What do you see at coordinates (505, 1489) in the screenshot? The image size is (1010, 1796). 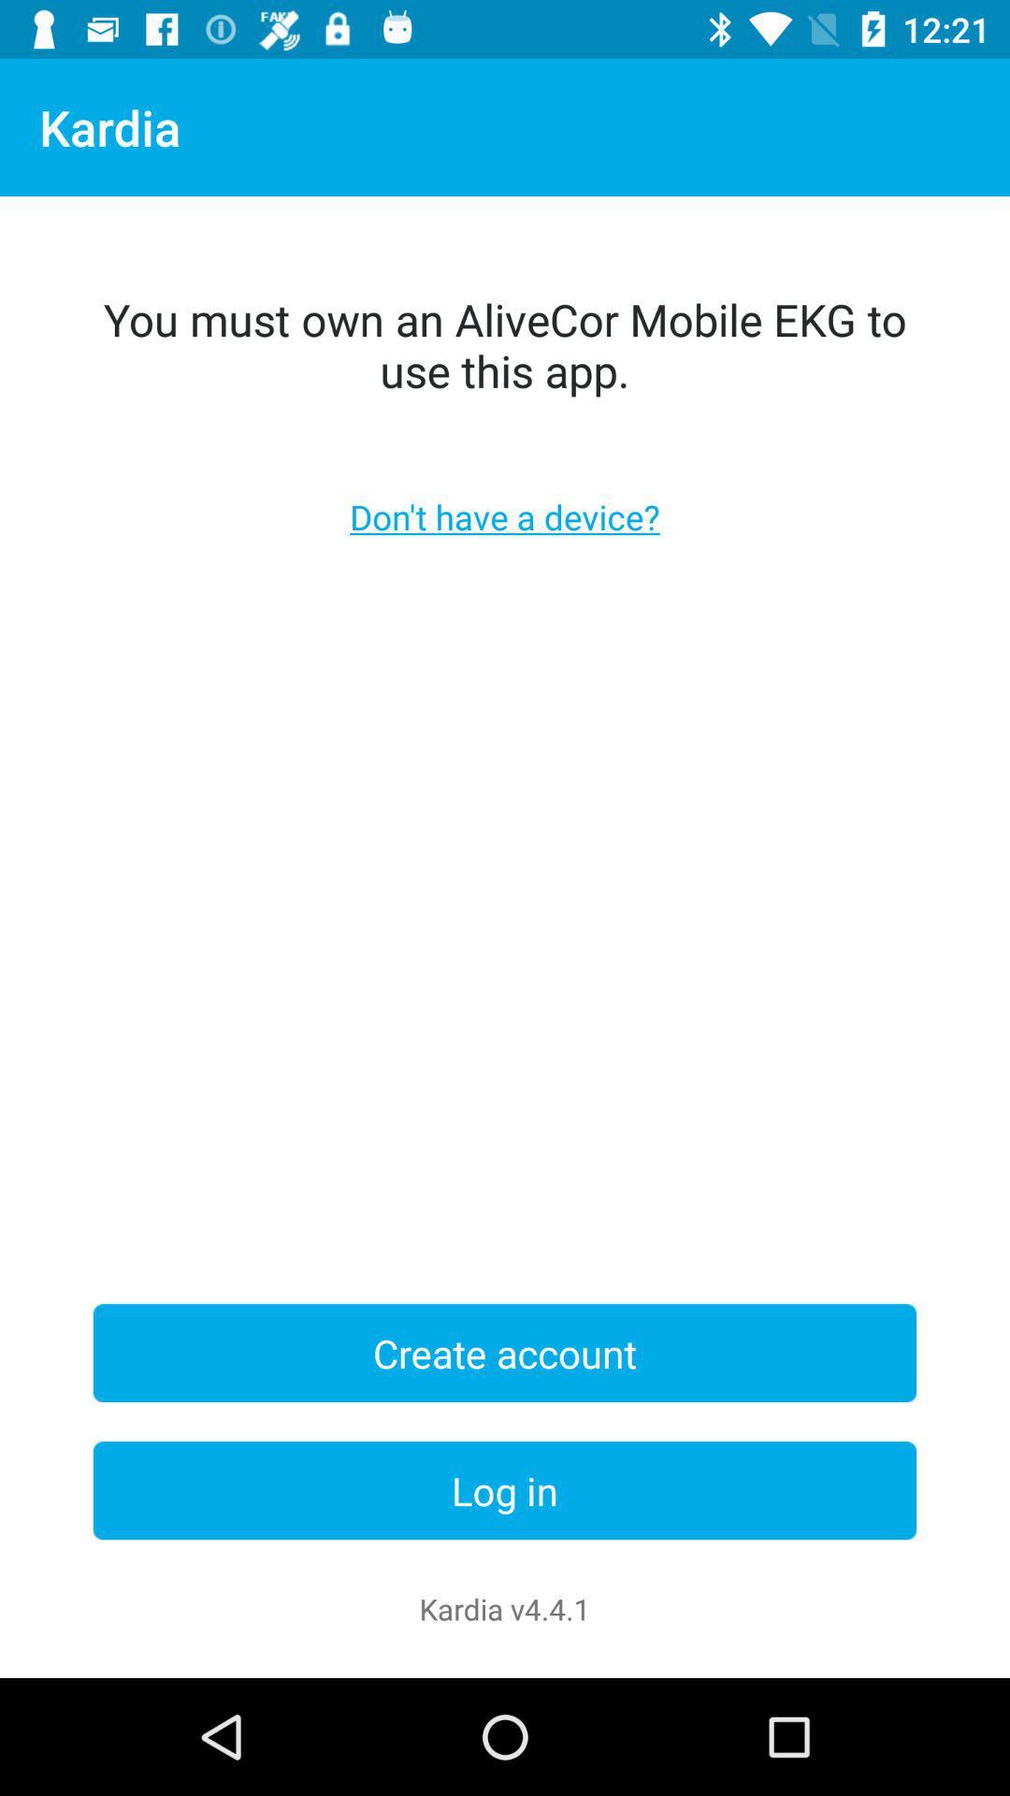 I see `the log in item` at bounding box center [505, 1489].